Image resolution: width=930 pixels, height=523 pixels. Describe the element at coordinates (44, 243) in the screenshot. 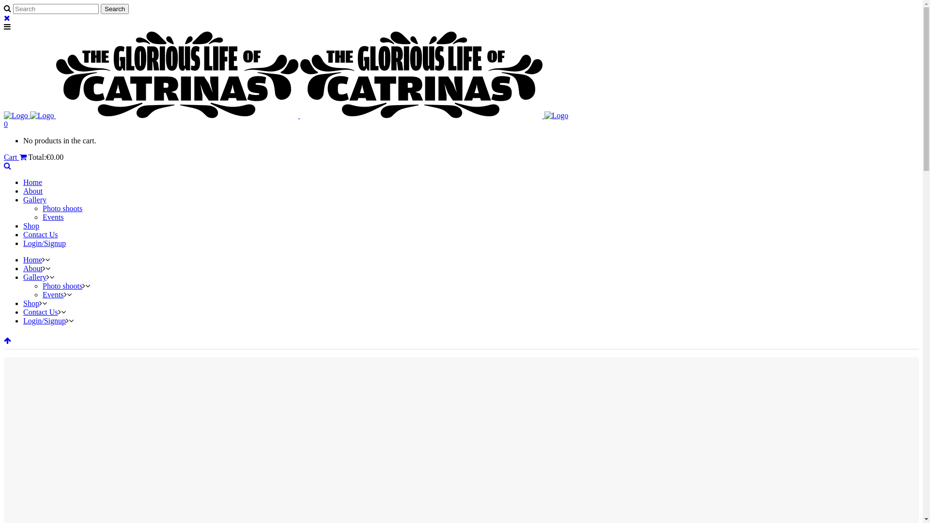

I see `'Login/Signup'` at that location.